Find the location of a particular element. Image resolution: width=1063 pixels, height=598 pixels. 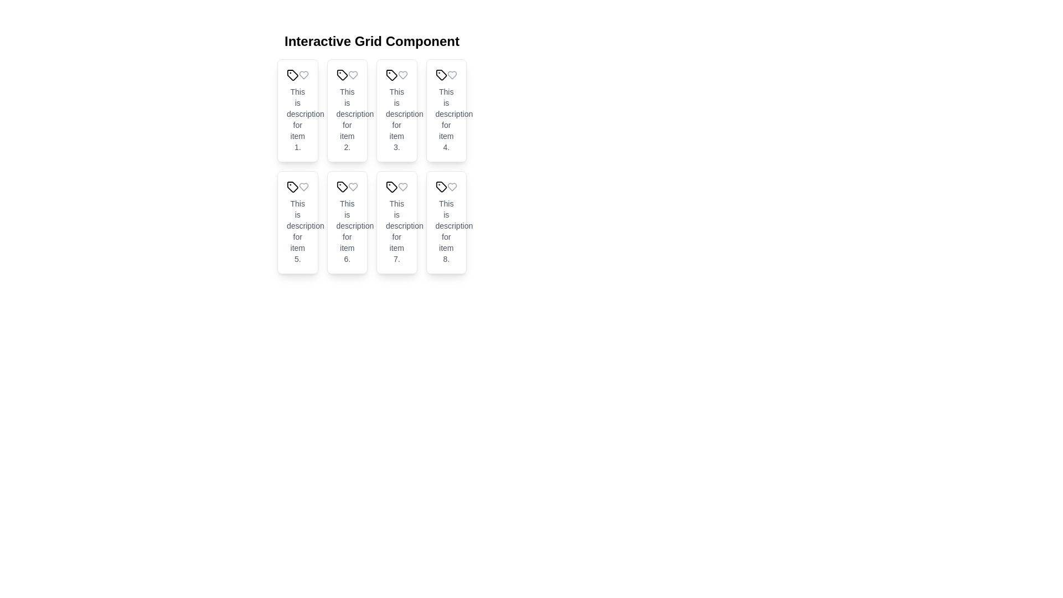

the icon representing the sixth tile in the grid layout, positioned to the left of the text 'Tile 6' is located at coordinates (342, 187).